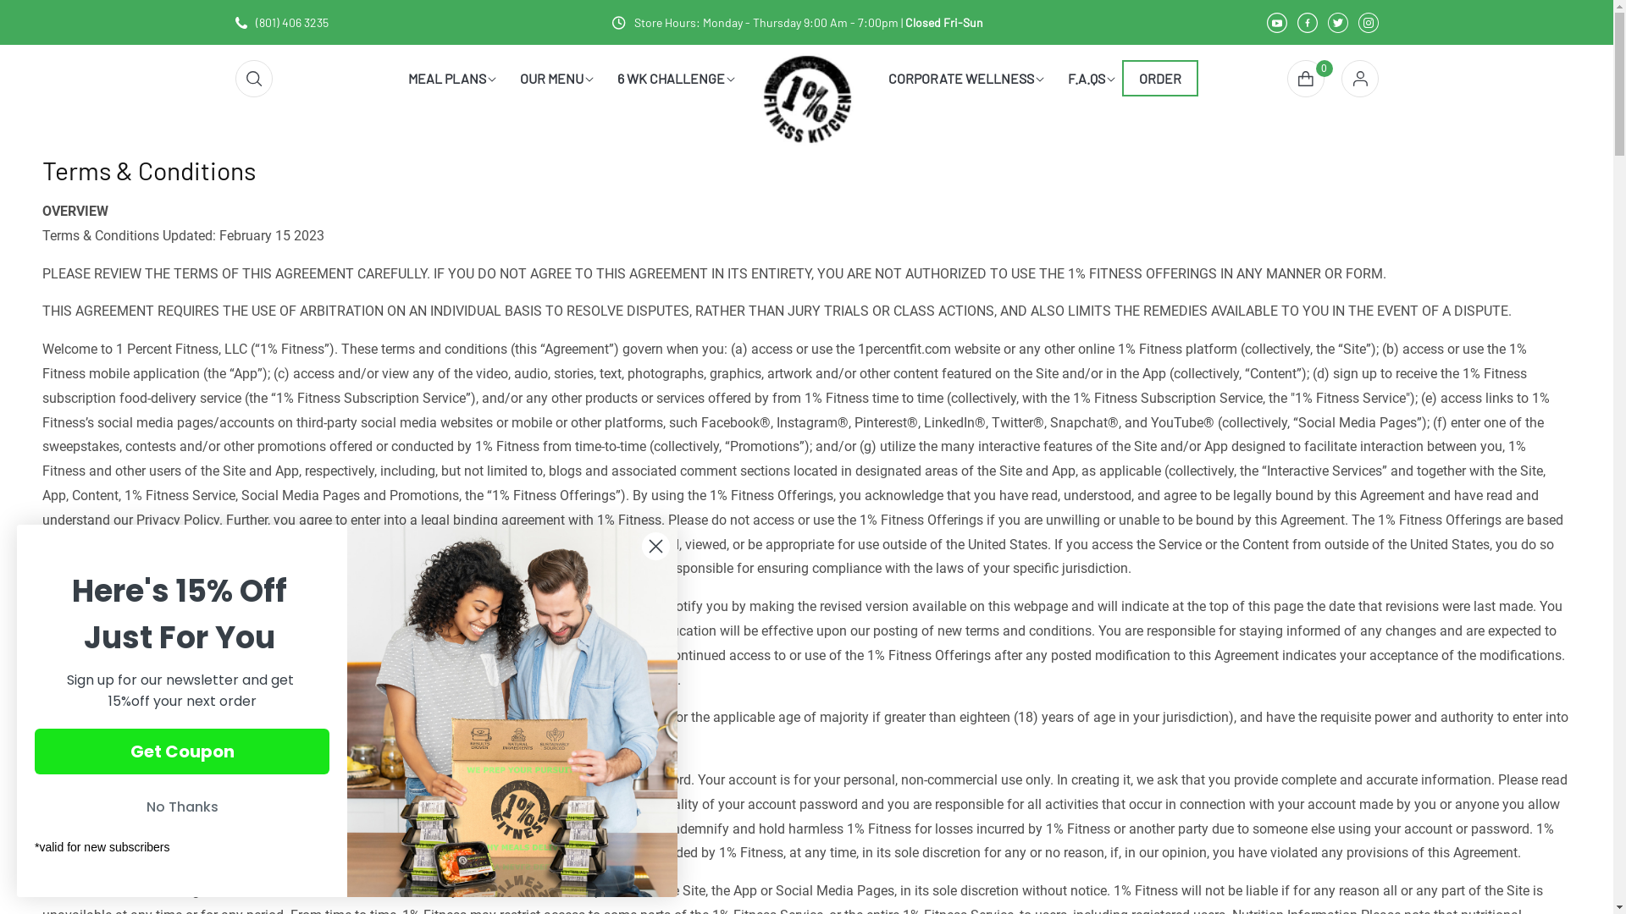  What do you see at coordinates (1336, 22) in the screenshot?
I see `'Twitter'` at bounding box center [1336, 22].